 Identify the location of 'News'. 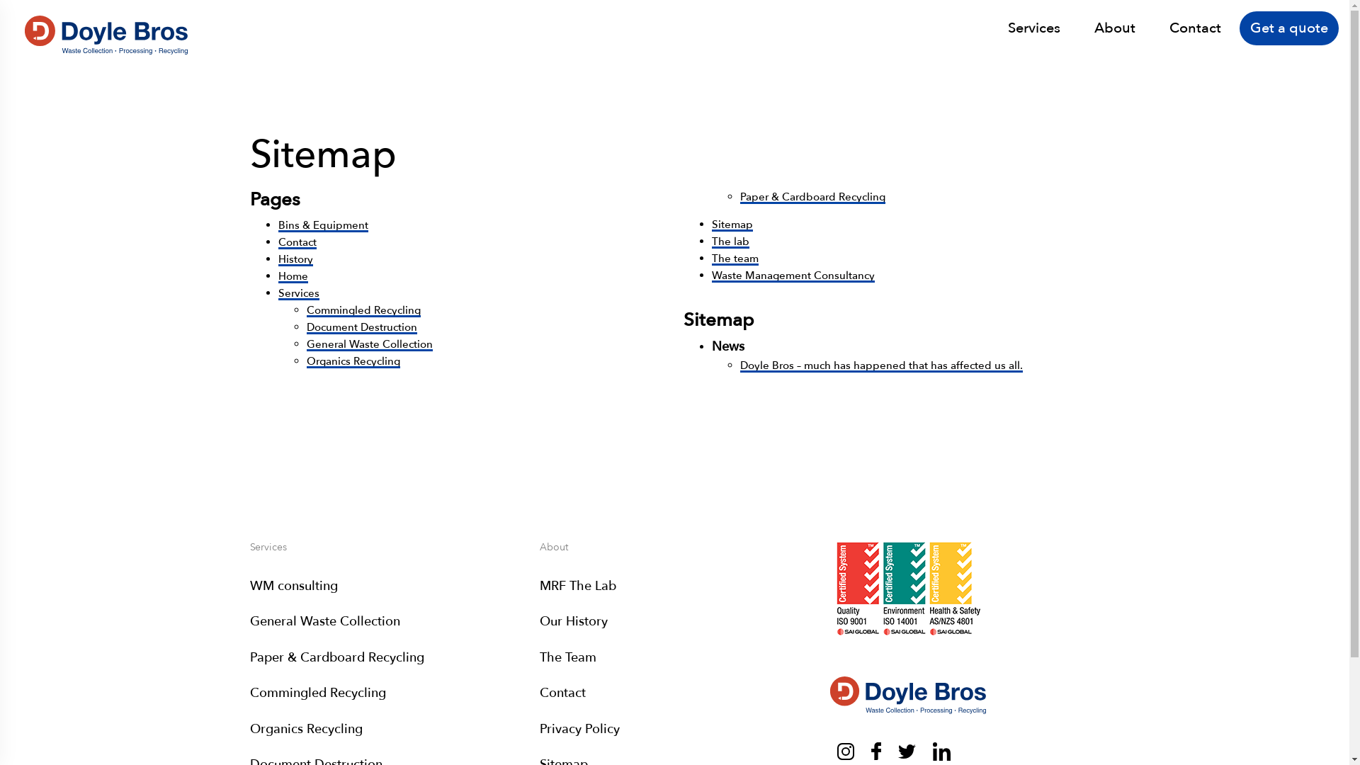
(727, 346).